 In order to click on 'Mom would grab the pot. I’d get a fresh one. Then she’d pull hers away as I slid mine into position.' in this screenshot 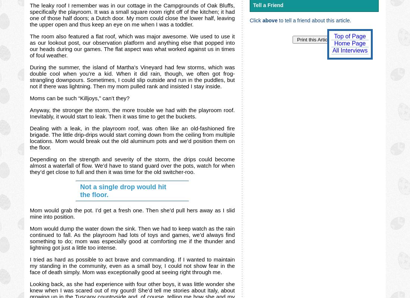, I will do `click(29, 213)`.